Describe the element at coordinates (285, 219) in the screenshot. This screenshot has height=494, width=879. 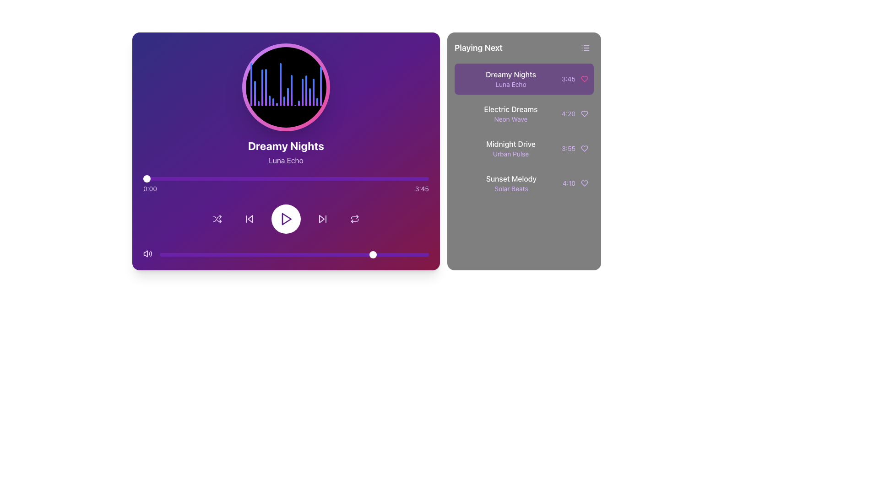
I see `the play/pause button located at the center of the button group at the bottom of the player card to play or pause the current track` at that location.